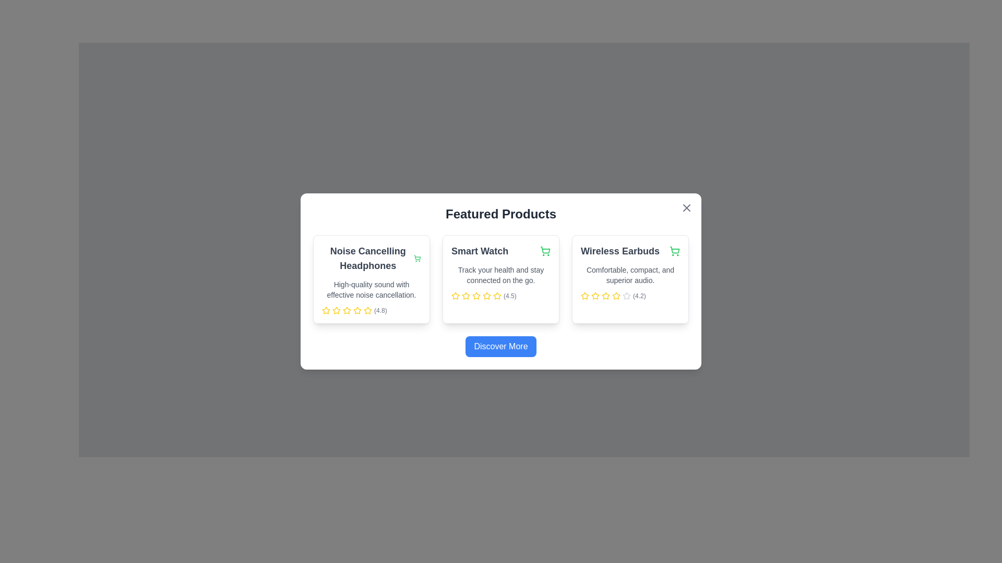 The image size is (1002, 563). What do you see at coordinates (545, 251) in the screenshot?
I see `the green shopping cart icon located at the top-right corner of the 'Smart Watch' product card` at bounding box center [545, 251].